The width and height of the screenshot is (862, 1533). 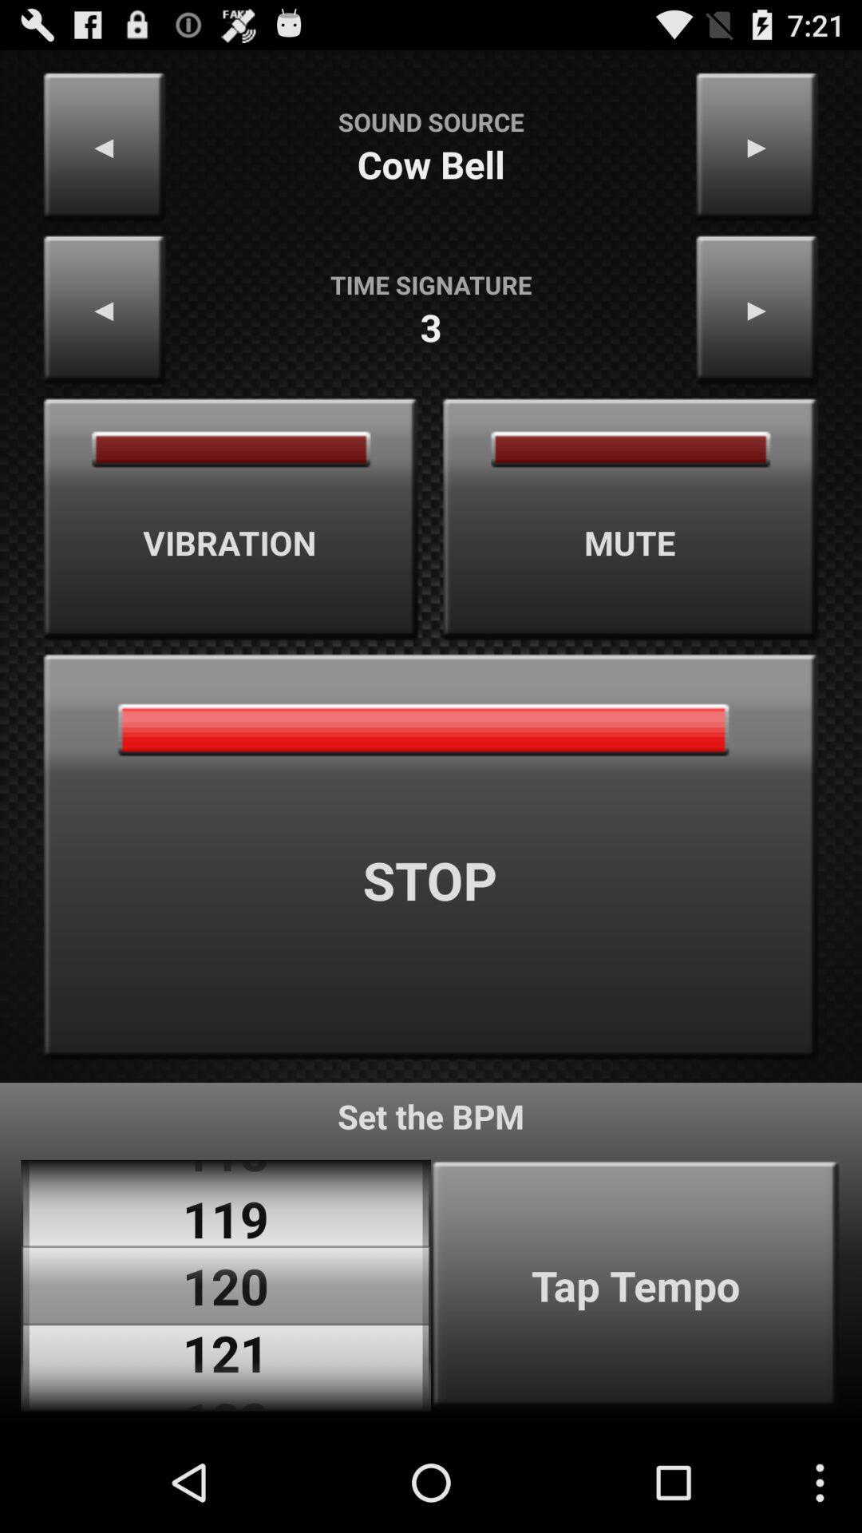 What do you see at coordinates (630, 519) in the screenshot?
I see `item next to vibration icon` at bounding box center [630, 519].